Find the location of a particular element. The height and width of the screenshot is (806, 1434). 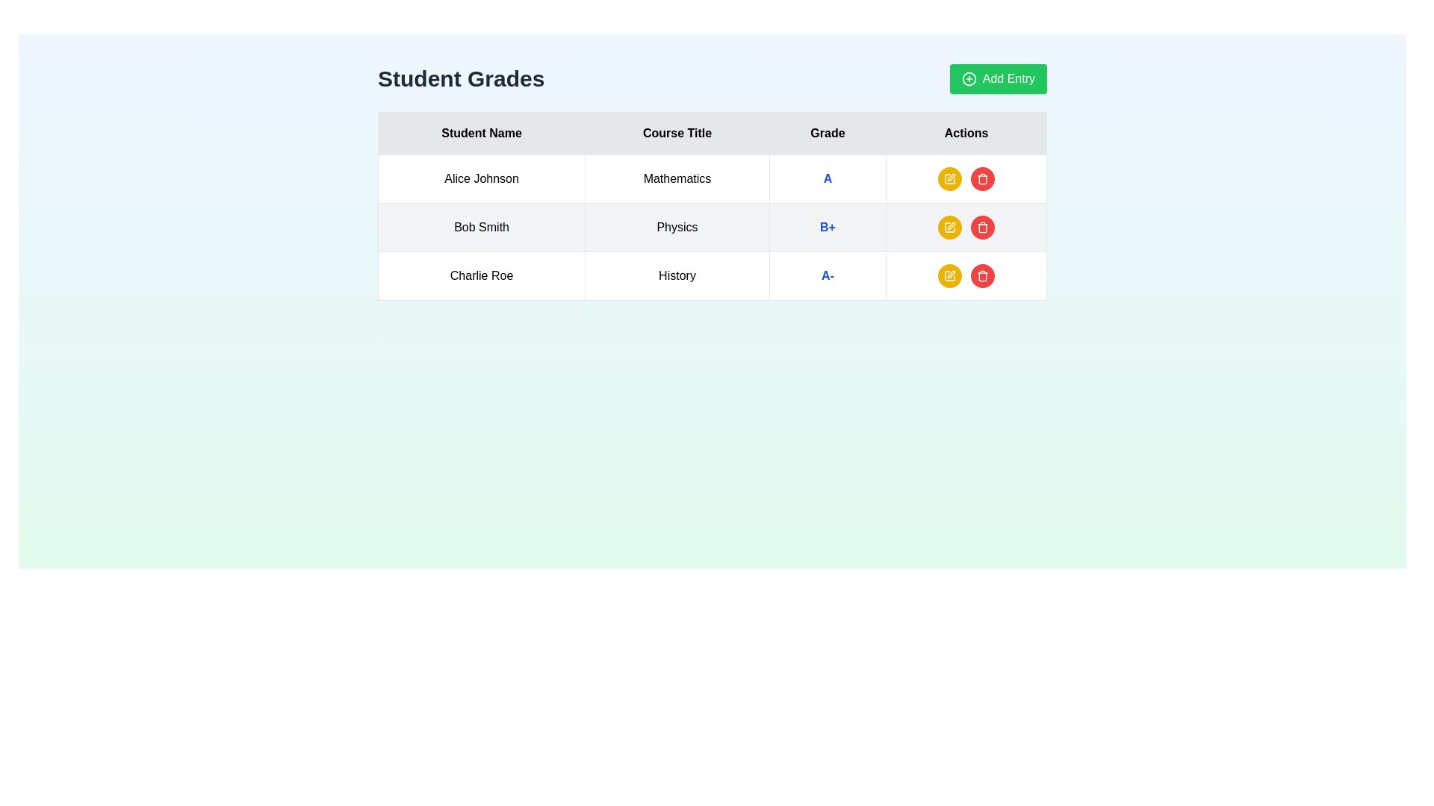

the red circular delete button with a trash can icon, located in the 'Actions' column of the row for 'Charlie Roe' is located at coordinates (982, 227).